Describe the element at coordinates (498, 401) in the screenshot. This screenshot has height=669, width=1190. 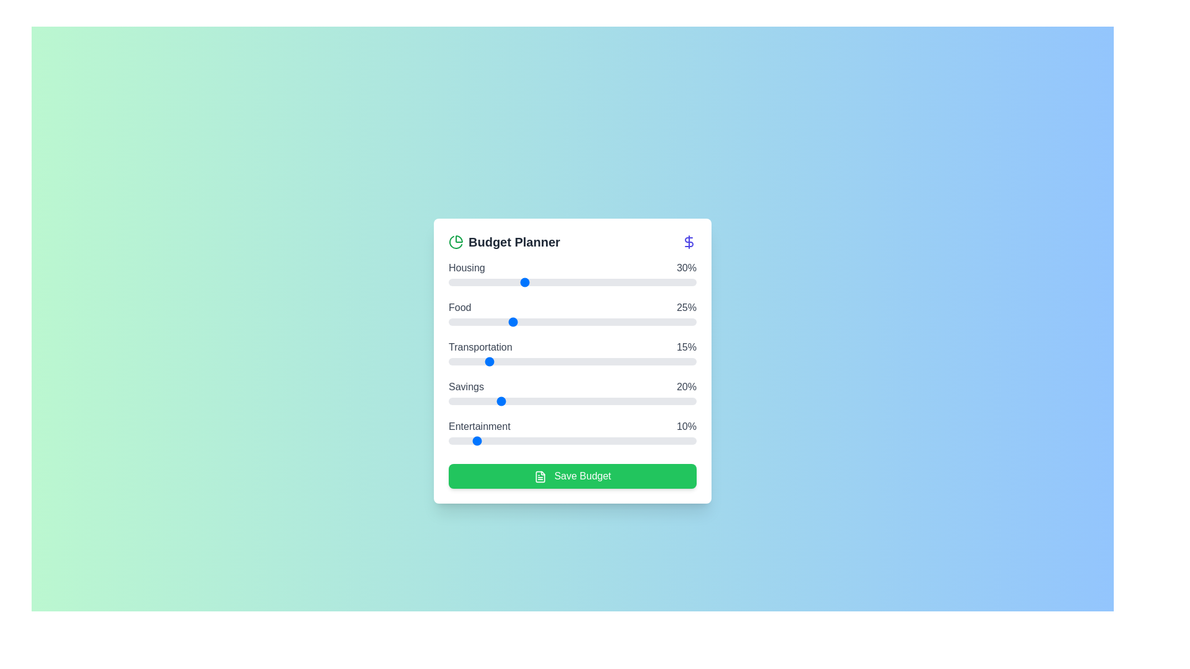
I see `the 'Savings' slider to 20% allocation` at that location.